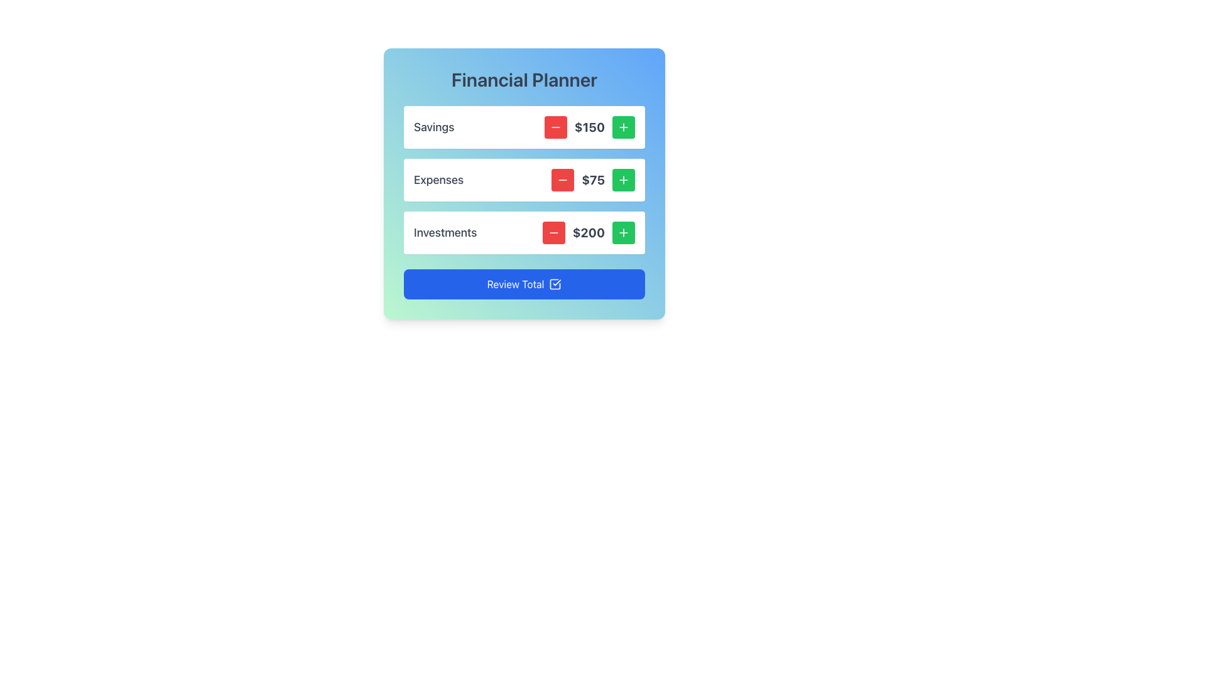 This screenshot has width=1206, height=678. I want to click on the green circular button with a white plus icon located to the right of the '$200' text in the 'Investments' row to increment the value, so click(624, 232).